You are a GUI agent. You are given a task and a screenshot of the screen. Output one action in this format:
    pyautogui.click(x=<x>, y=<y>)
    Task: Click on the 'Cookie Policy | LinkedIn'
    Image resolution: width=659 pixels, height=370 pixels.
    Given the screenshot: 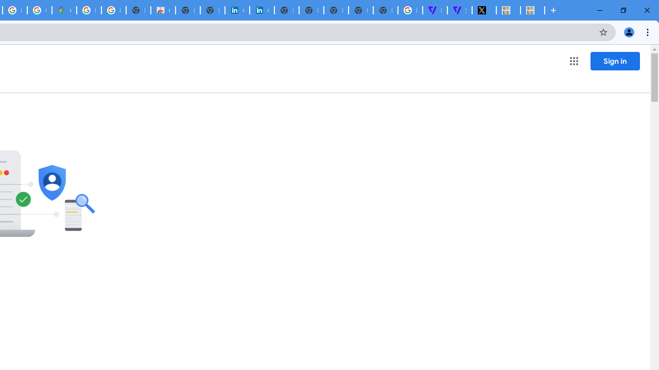 What is the action you would take?
    pyautogui.click(x=236, y=10)
    